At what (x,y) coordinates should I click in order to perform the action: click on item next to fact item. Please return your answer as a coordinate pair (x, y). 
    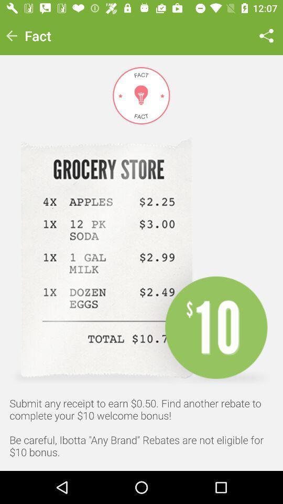
    Looking at the image, I should click on (266, 36).